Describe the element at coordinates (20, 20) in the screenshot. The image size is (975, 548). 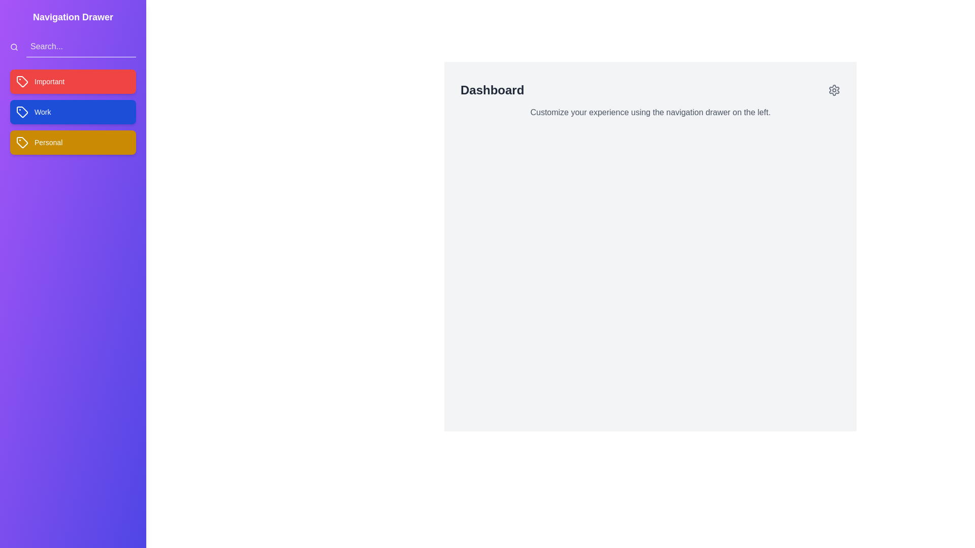
I see `toggle button located at the top-left corner of the screen to toggle the navigation drawer visibility` at that location.